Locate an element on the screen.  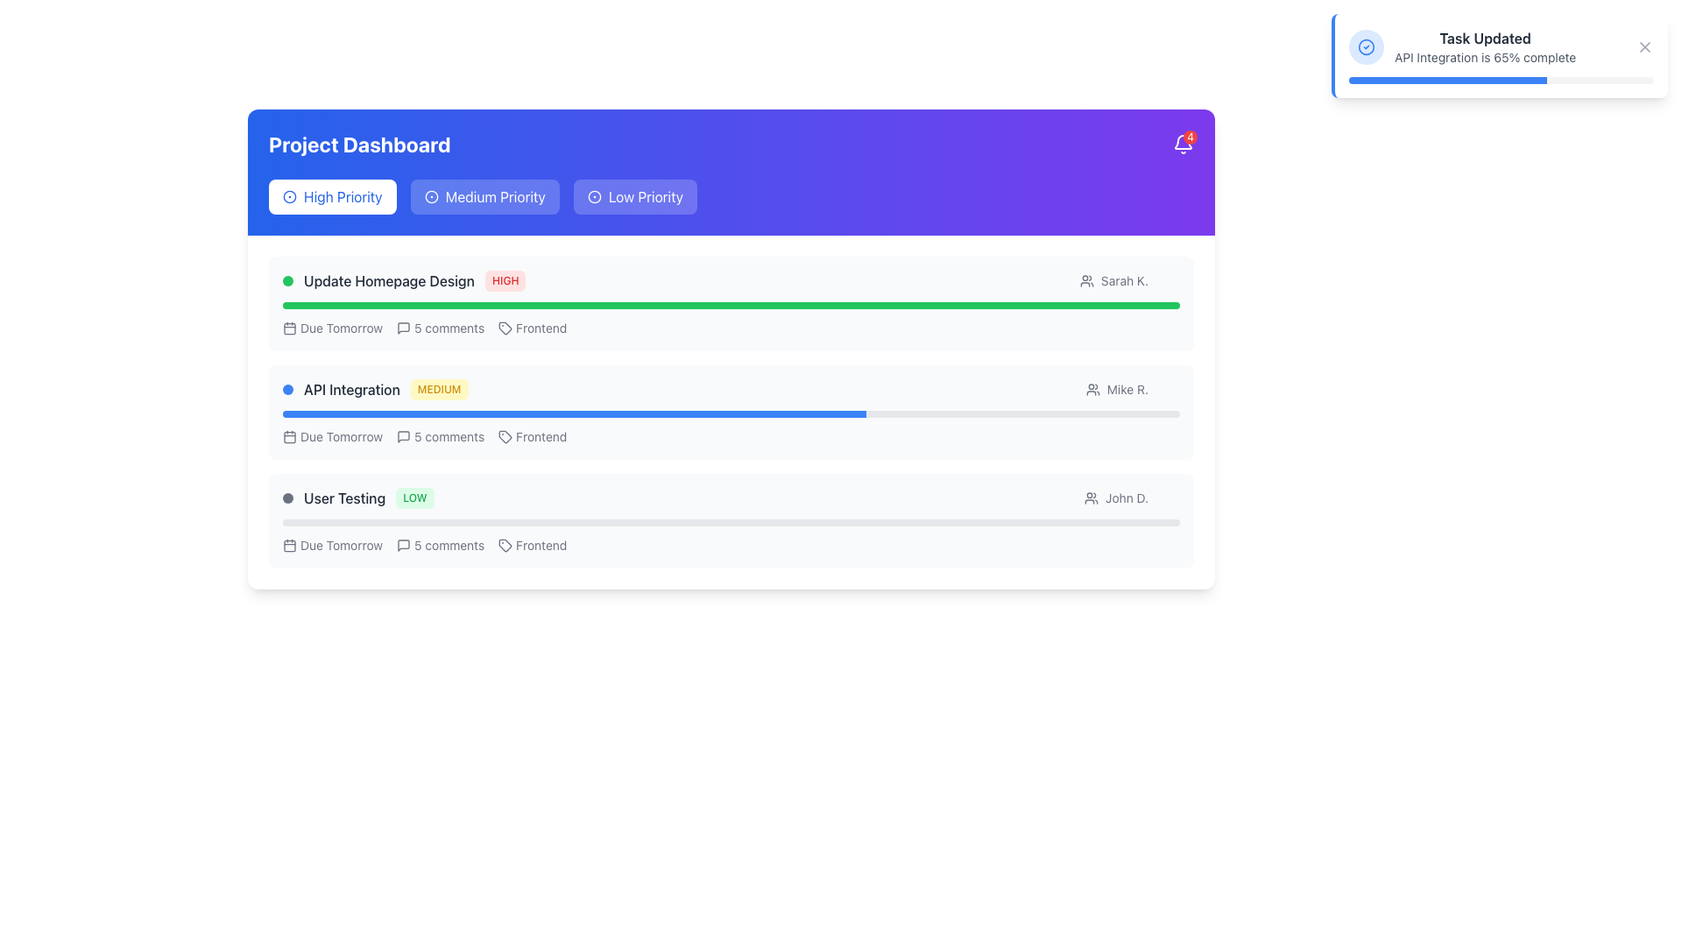
the state of the circular icon within the 'High Priority' button, which is located to the left side of the button is located at coordinates (290, 196).